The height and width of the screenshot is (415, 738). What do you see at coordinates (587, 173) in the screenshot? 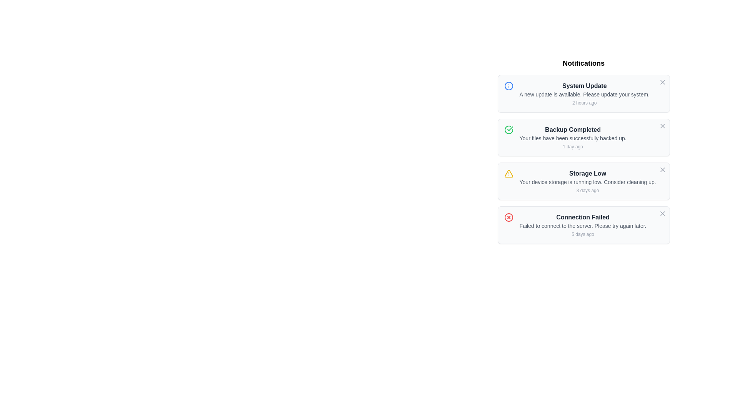
I see `the 'Storage Low' text label, which is the title of the notification regarding low storage status, located within the third notification card in the Notifications section` at bounding box center [587, 173].